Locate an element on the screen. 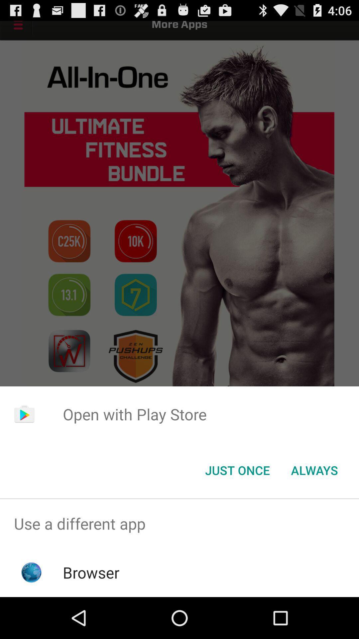 The height and width of the screenshot is (639, 359). the always is located at coordinates (314, 470).